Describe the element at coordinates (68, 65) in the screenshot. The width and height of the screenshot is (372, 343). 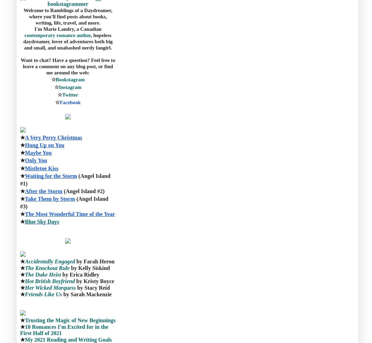
I see `'Want to chat? Have a question? Feel free to leave a comment on any blog post, or find me around the web:'` at that location.